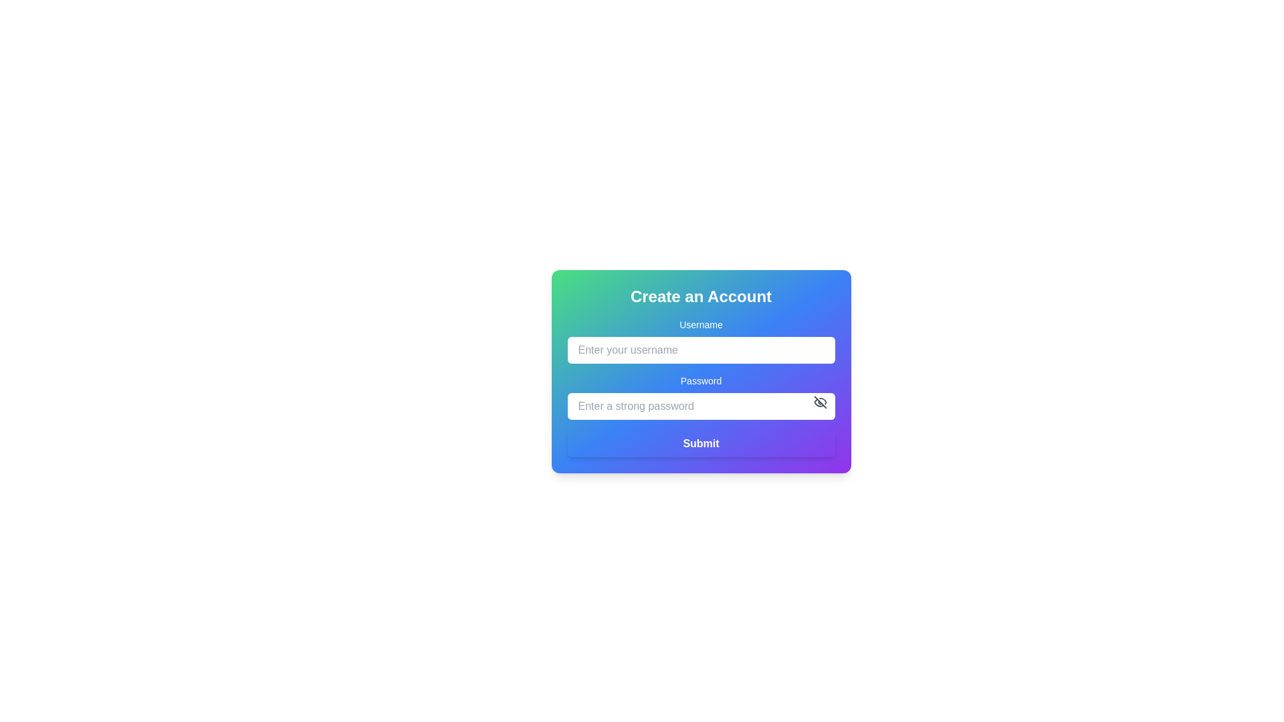  Describe the element at coordinates (700, 340) in the screenshot. I see `the 'Username' text input field, which is the first input box below the 'Create an Account' heading, to focus it` at that location.